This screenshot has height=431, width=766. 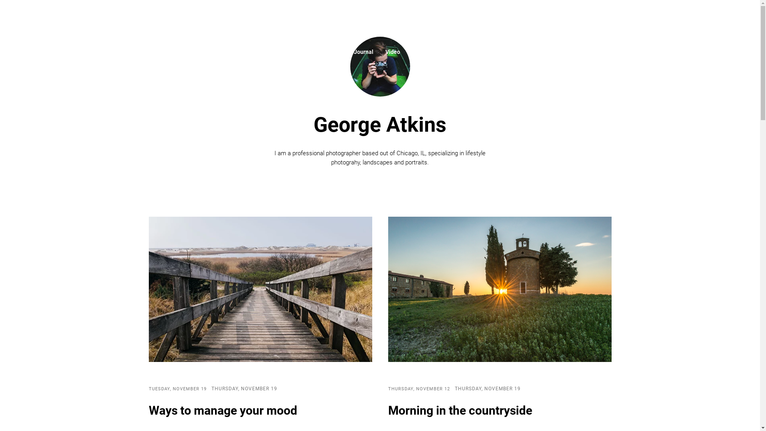 I want to click on 'Video', so click(x=393, y=52).